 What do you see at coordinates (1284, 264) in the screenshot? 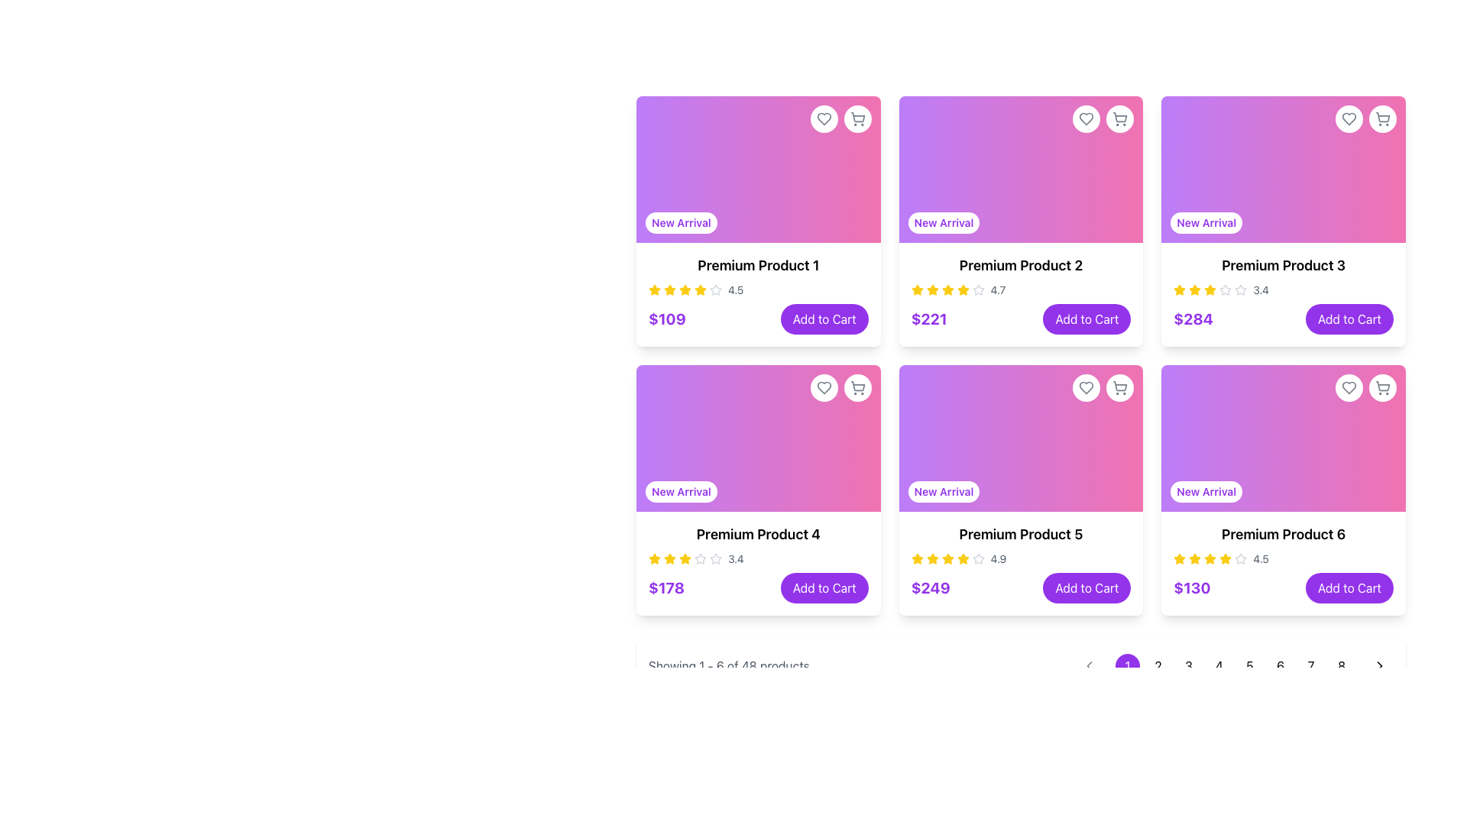
I see `text content of the label displaying 'Premium Product 3' which is located in the top row, third column of the product card grid` at bounding box center [1284, 264].